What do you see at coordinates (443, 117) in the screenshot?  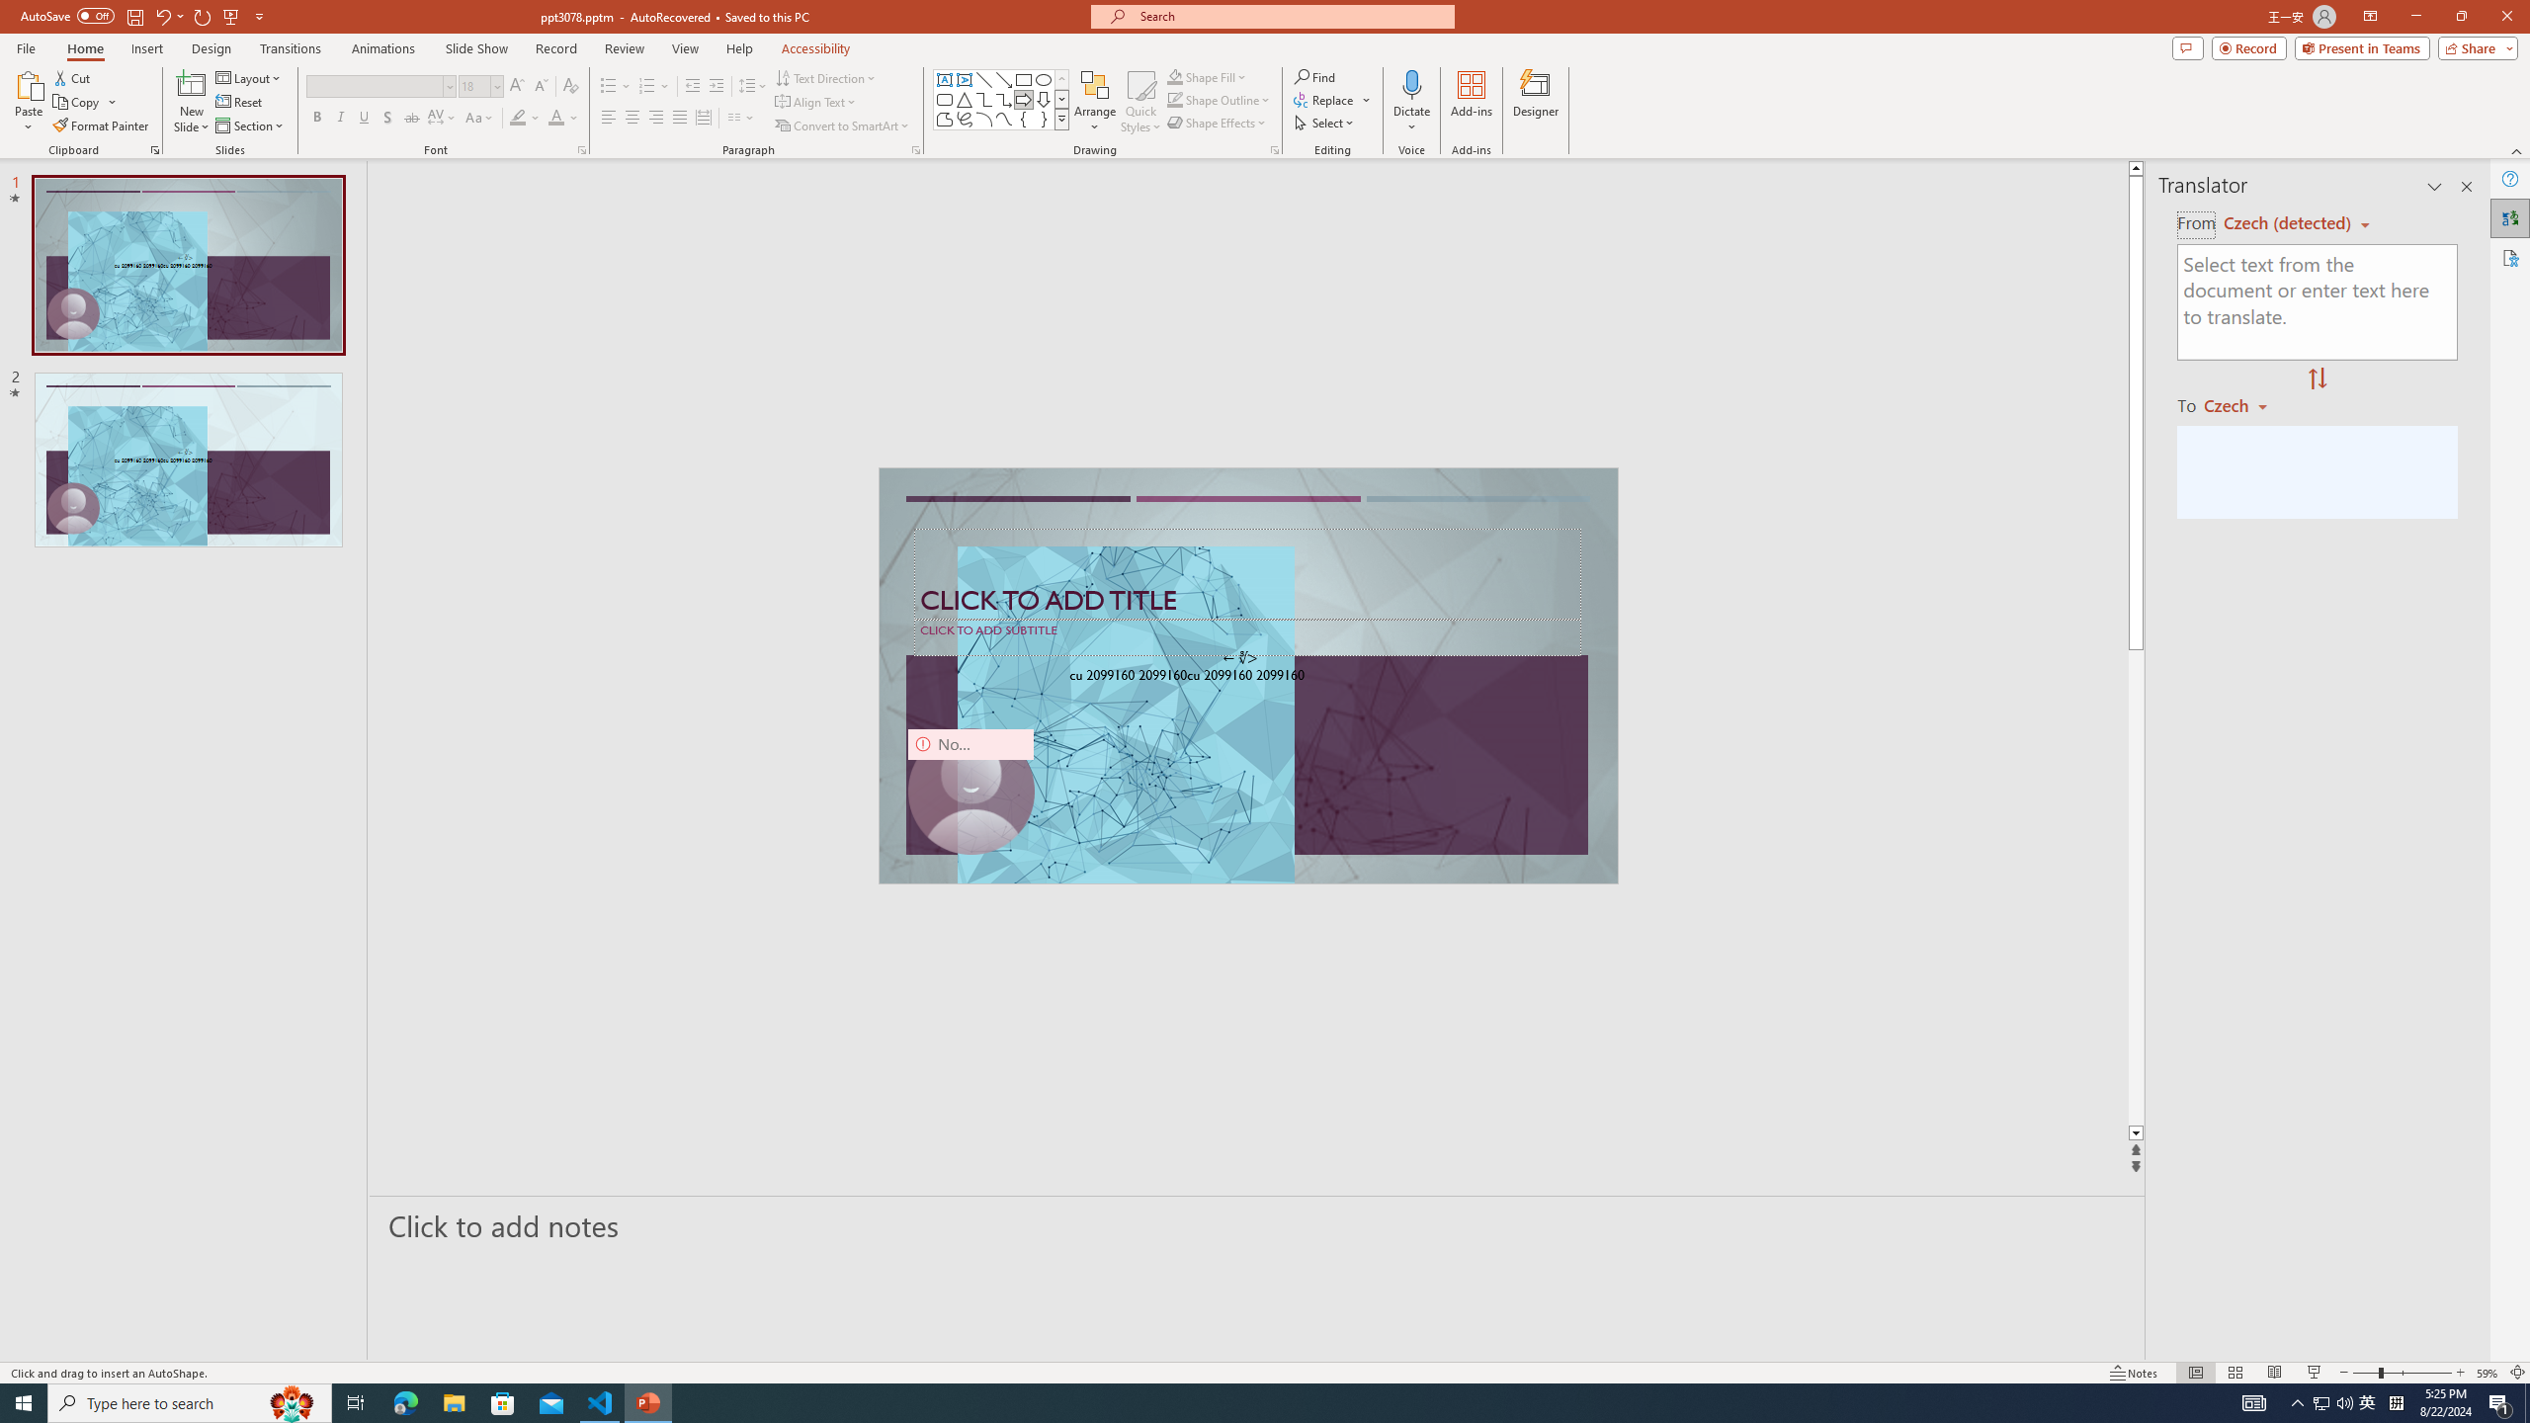 I see `'Character Spacing'` at bounding box center [443, 117].